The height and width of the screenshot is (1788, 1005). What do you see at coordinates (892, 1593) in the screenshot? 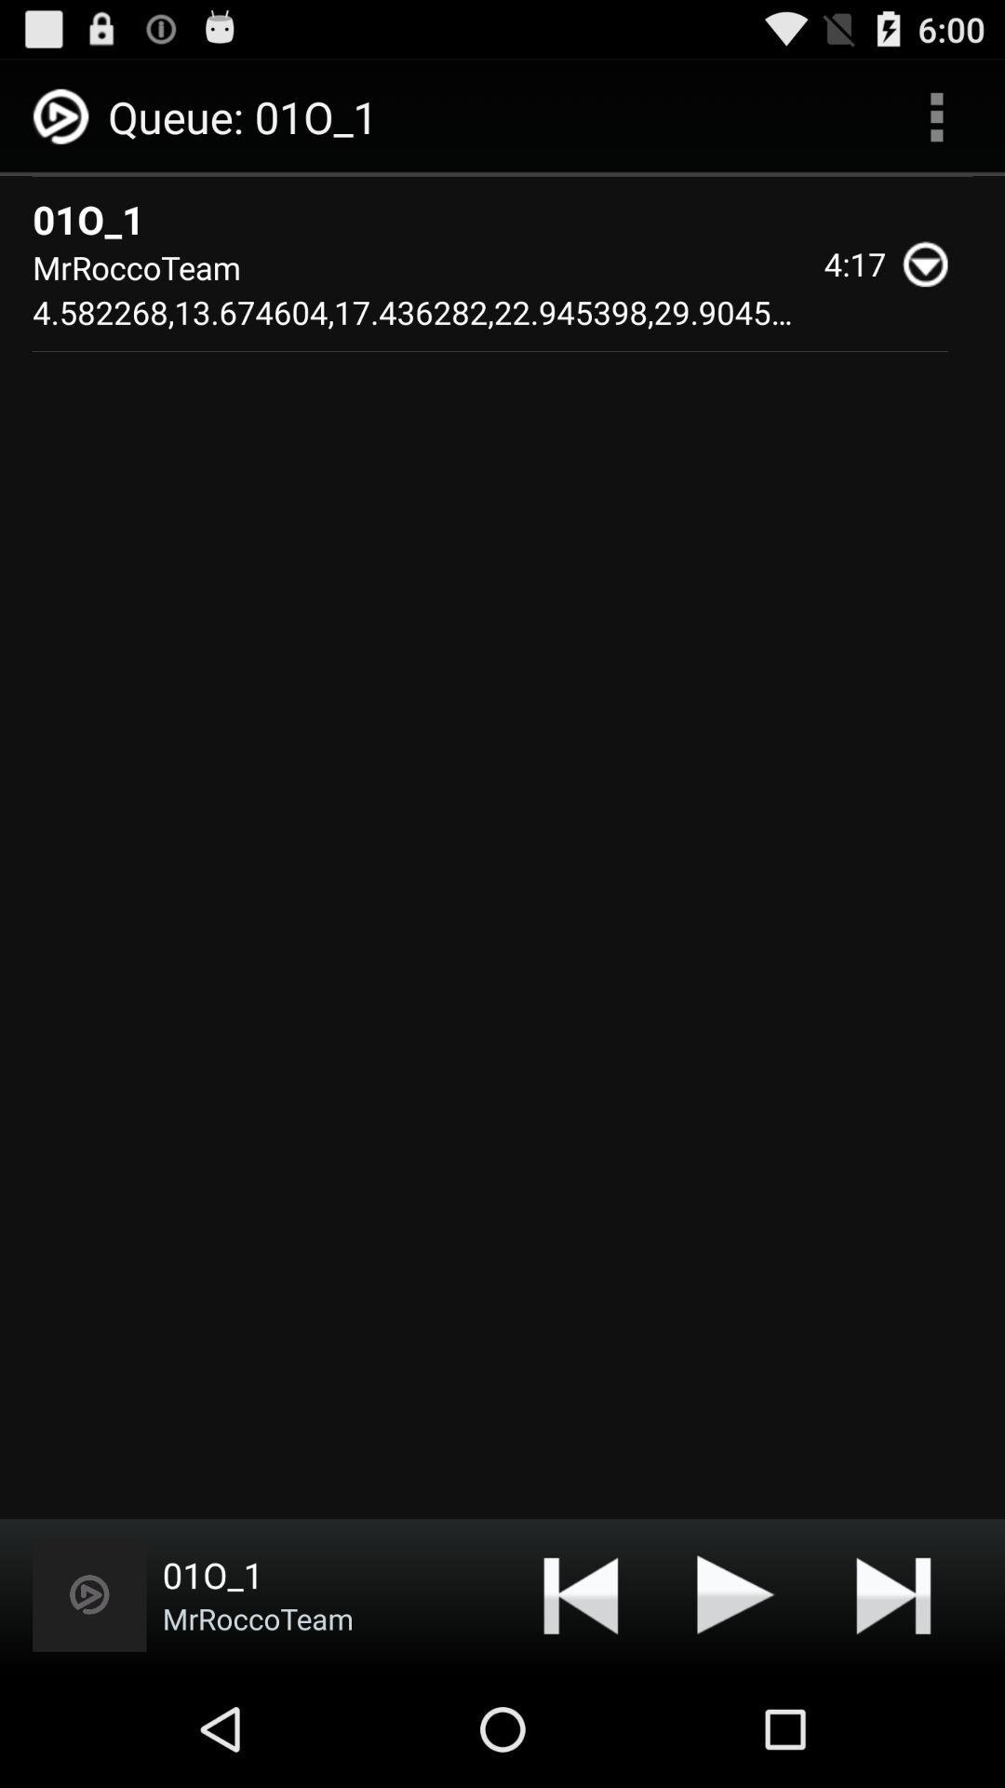
I see `fast forward` at bounding box center [892, 1593].